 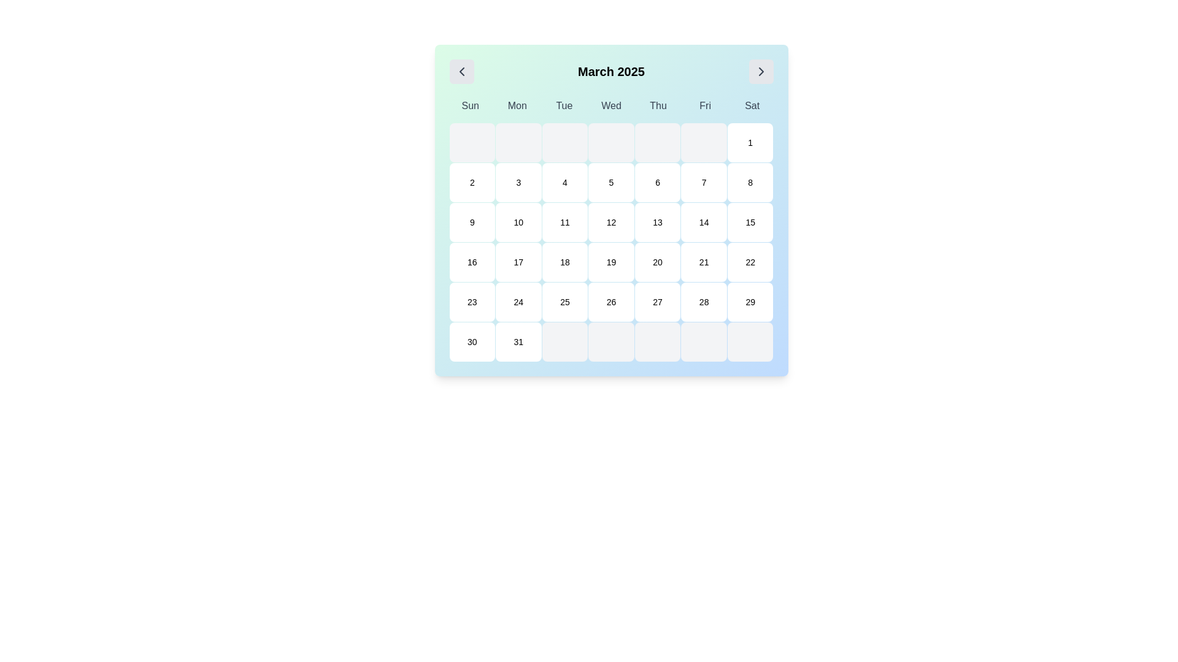 I want to click on the non-interactive calendar date cell located in the last row, third from the left in a 7-column layout, so click(x=564, y=342).